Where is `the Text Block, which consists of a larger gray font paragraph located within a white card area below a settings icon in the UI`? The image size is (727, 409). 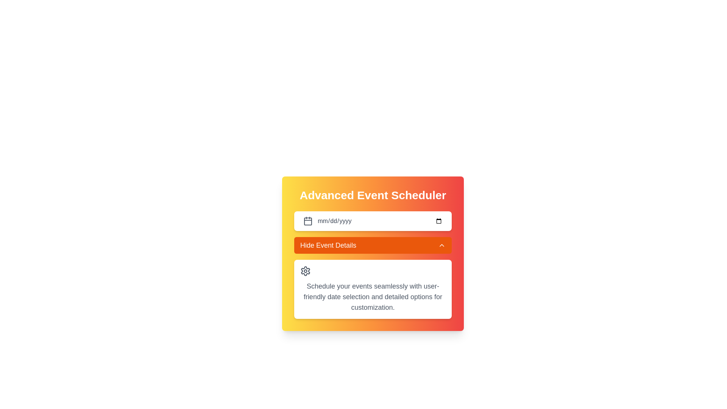
the Text Block, which consists of a larger gray font paragraph located within a white card area below a settings icon in the UI is located at coordinates (373, 296).